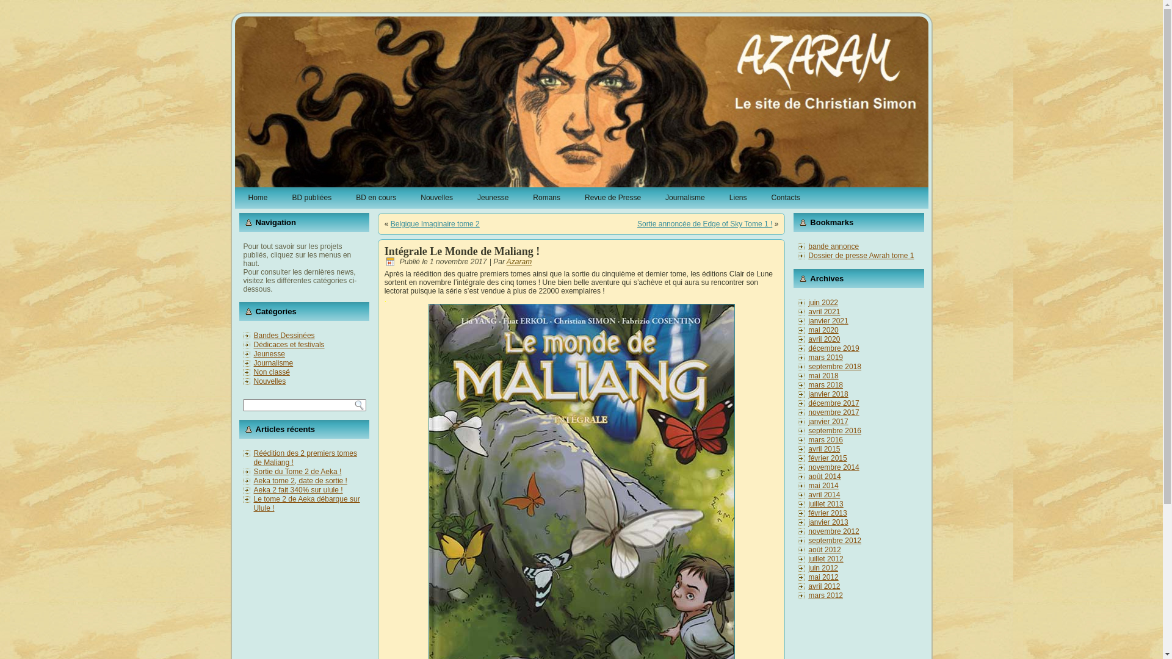  Describe the element at coordinates (298, 470) in the screenshot. I see `'Sortie du Tome 2 de Aeka !'` at that location.